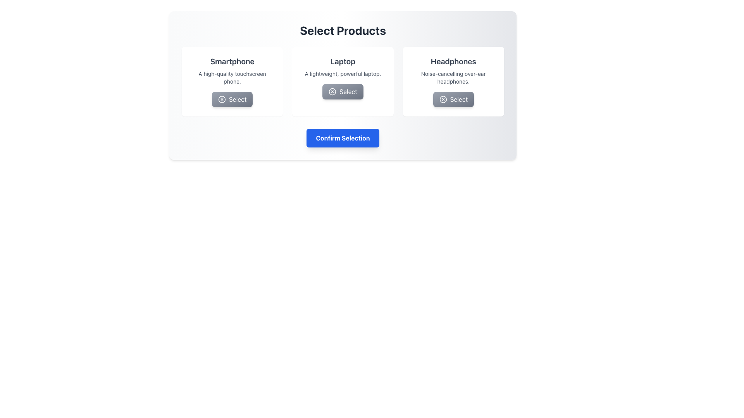  Describe the element at coordinates (342, 74) in the screenshot. I see `the static text element that provides a brief description of the 'Laptop' product, located beneath the product title and above the 'Select' button` at that location.